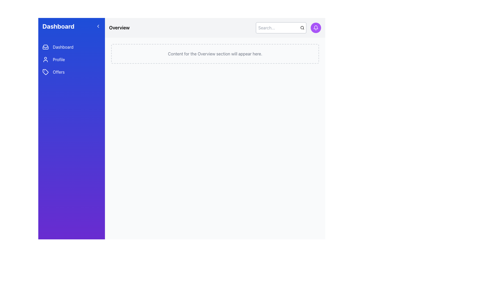 This screenshot has width=500, height=281. Describe the element at coordinates (45, 72) in the screenshot. I see `the 'Offers' menu item icon located on the left side of the interface, which visually indicates the section's content and purpose` at that location.